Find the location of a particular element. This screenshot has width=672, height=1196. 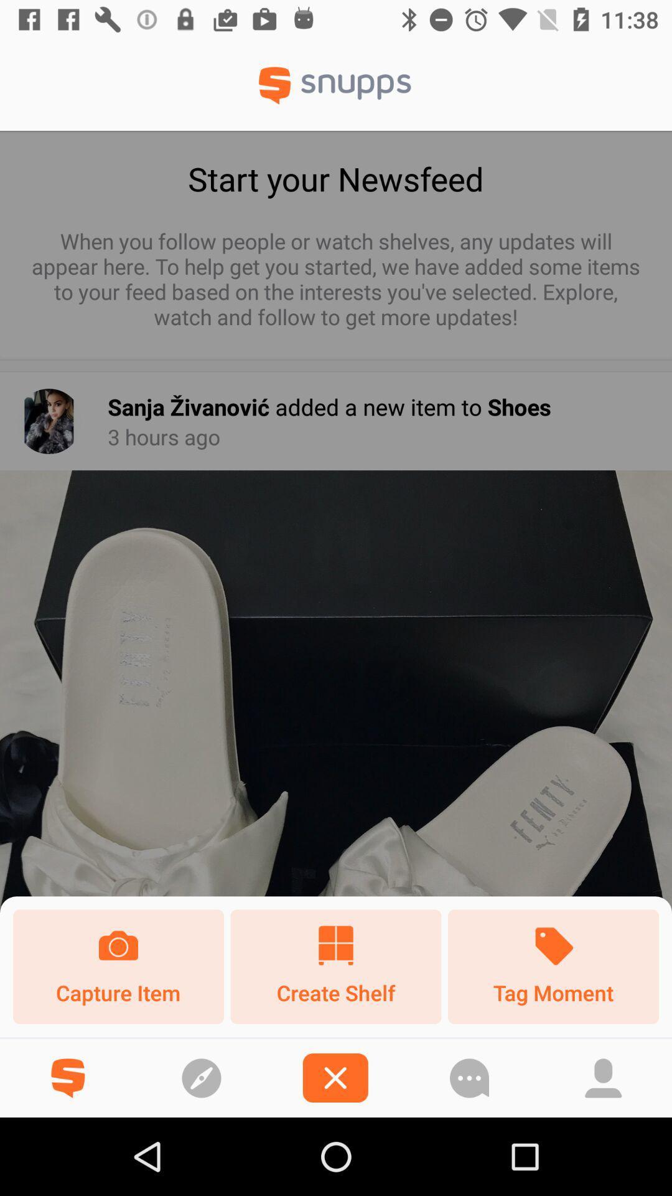

page is located at coordinates (335, 1077).